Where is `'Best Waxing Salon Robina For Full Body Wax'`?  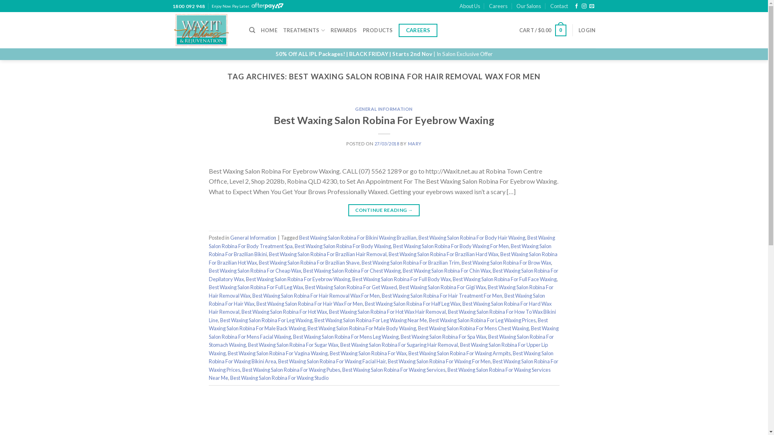 'Best Waxing Salon Robina For Full Body Wax' is located at coordinates (402, 279).